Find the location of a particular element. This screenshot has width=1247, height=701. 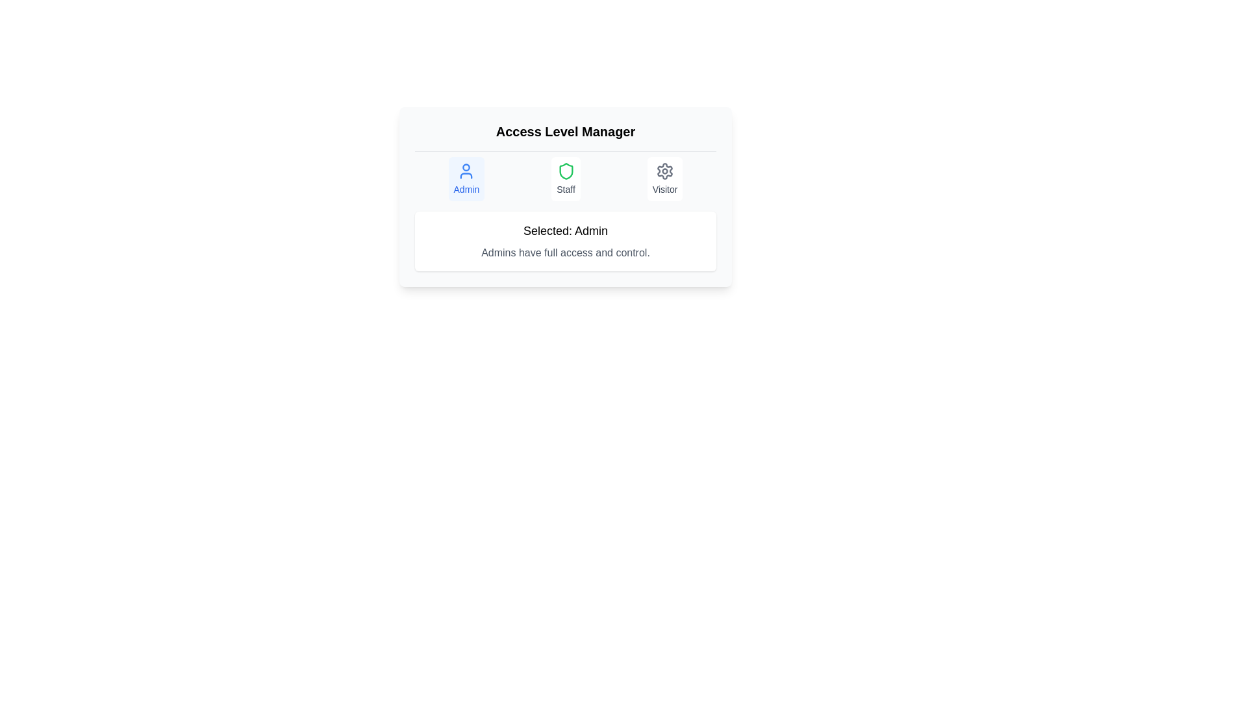

the bottom part of the user icon graphic, which represents the shoulders, located under the 'Access Level Manager' section is located at coordinates (466, 175).